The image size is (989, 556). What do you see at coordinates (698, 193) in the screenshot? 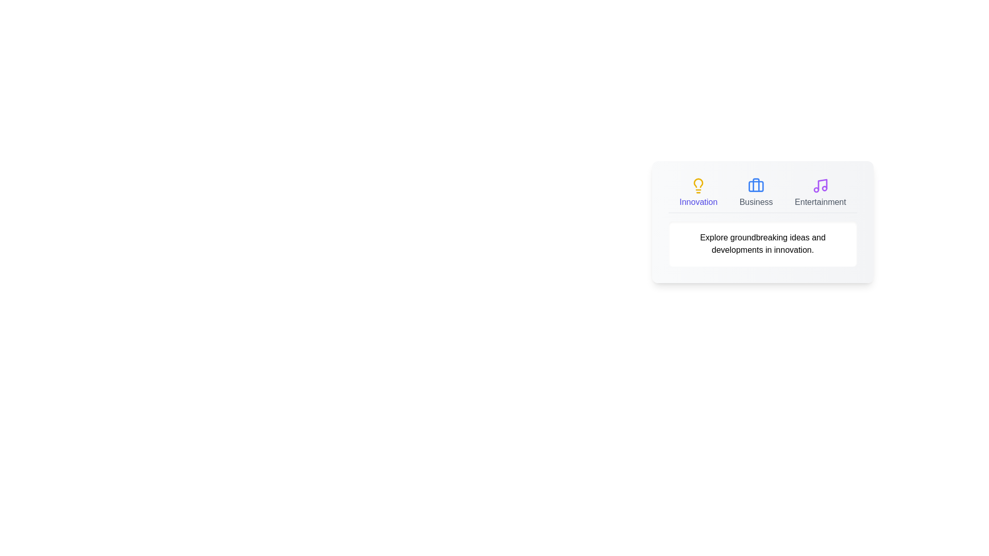
I see `the tab button corresponding to Innovation` at bounding box center [698, 193].